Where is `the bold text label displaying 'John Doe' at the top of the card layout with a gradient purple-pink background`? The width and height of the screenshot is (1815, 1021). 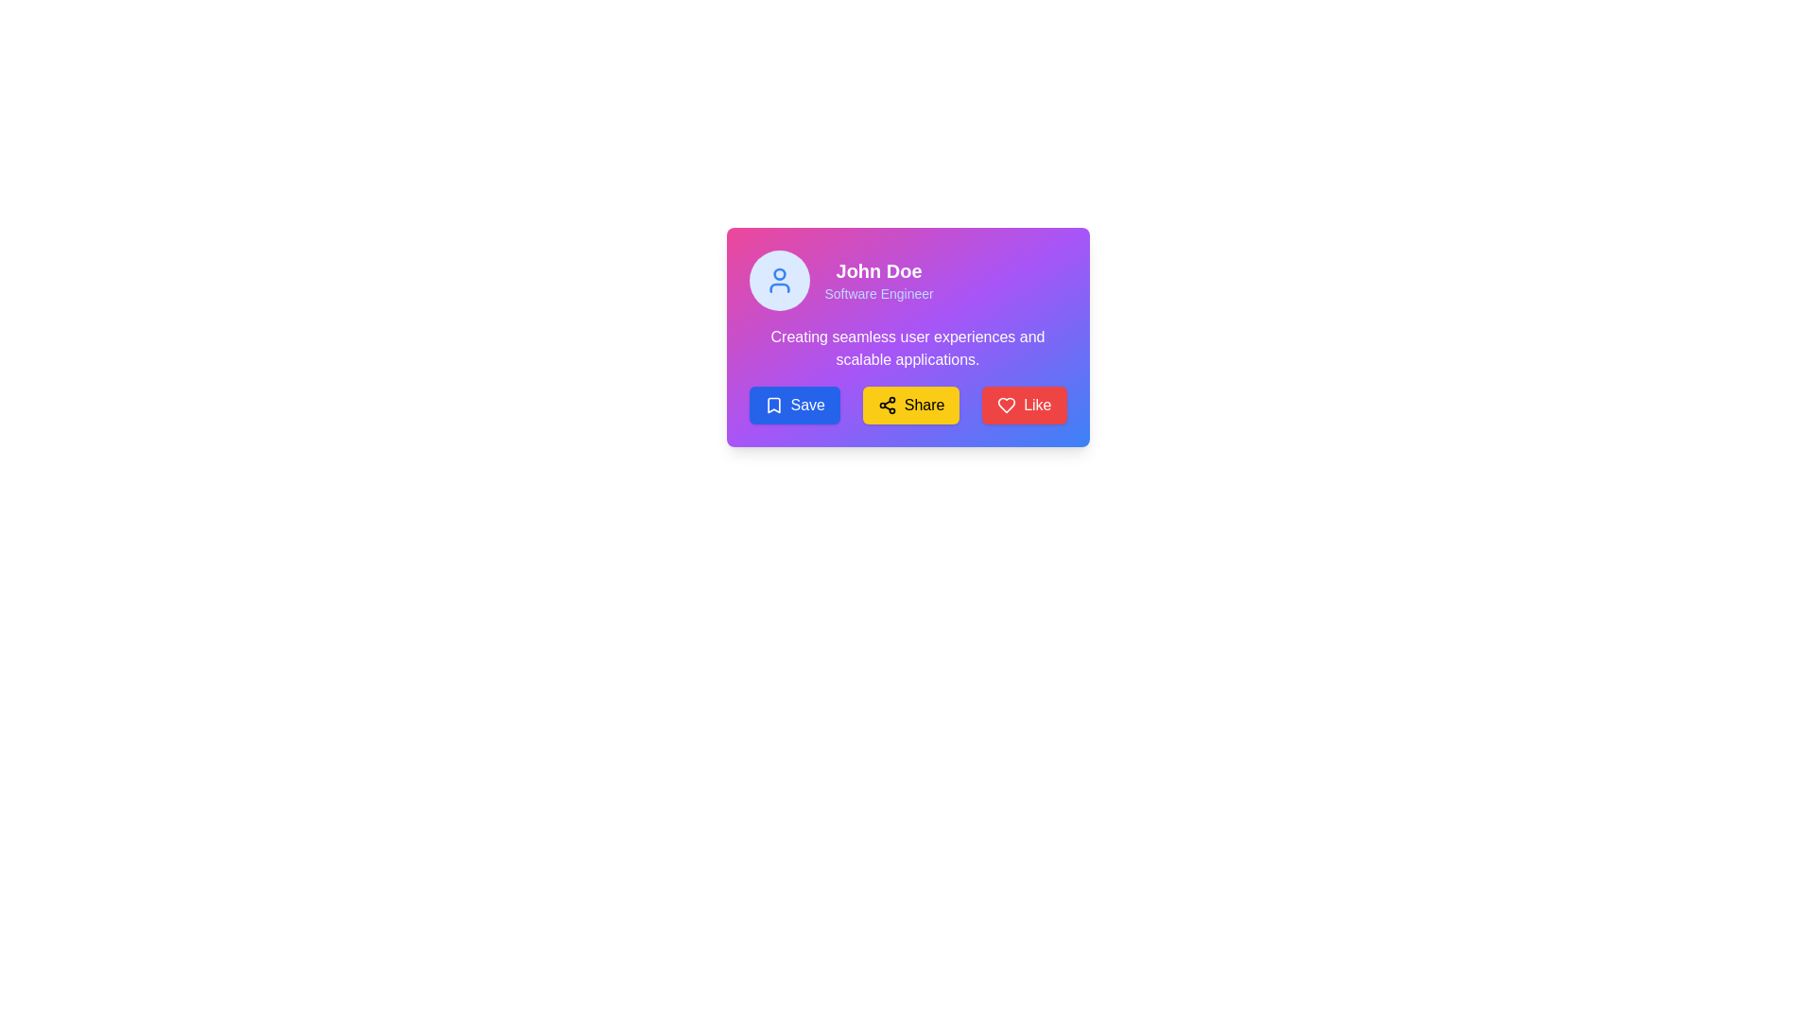 the bold text label displaying 'John Doe' at the top of the card layout with a gradient purple-pink background is located at coordinates (878, 270).